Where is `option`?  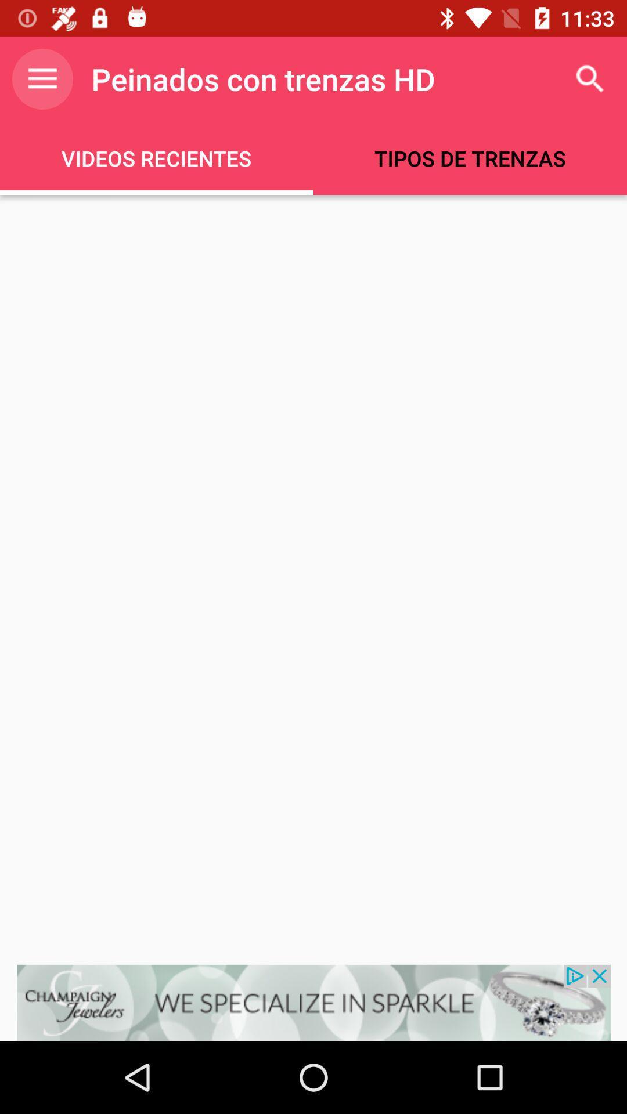 option is located at coordinates (313, 1002).